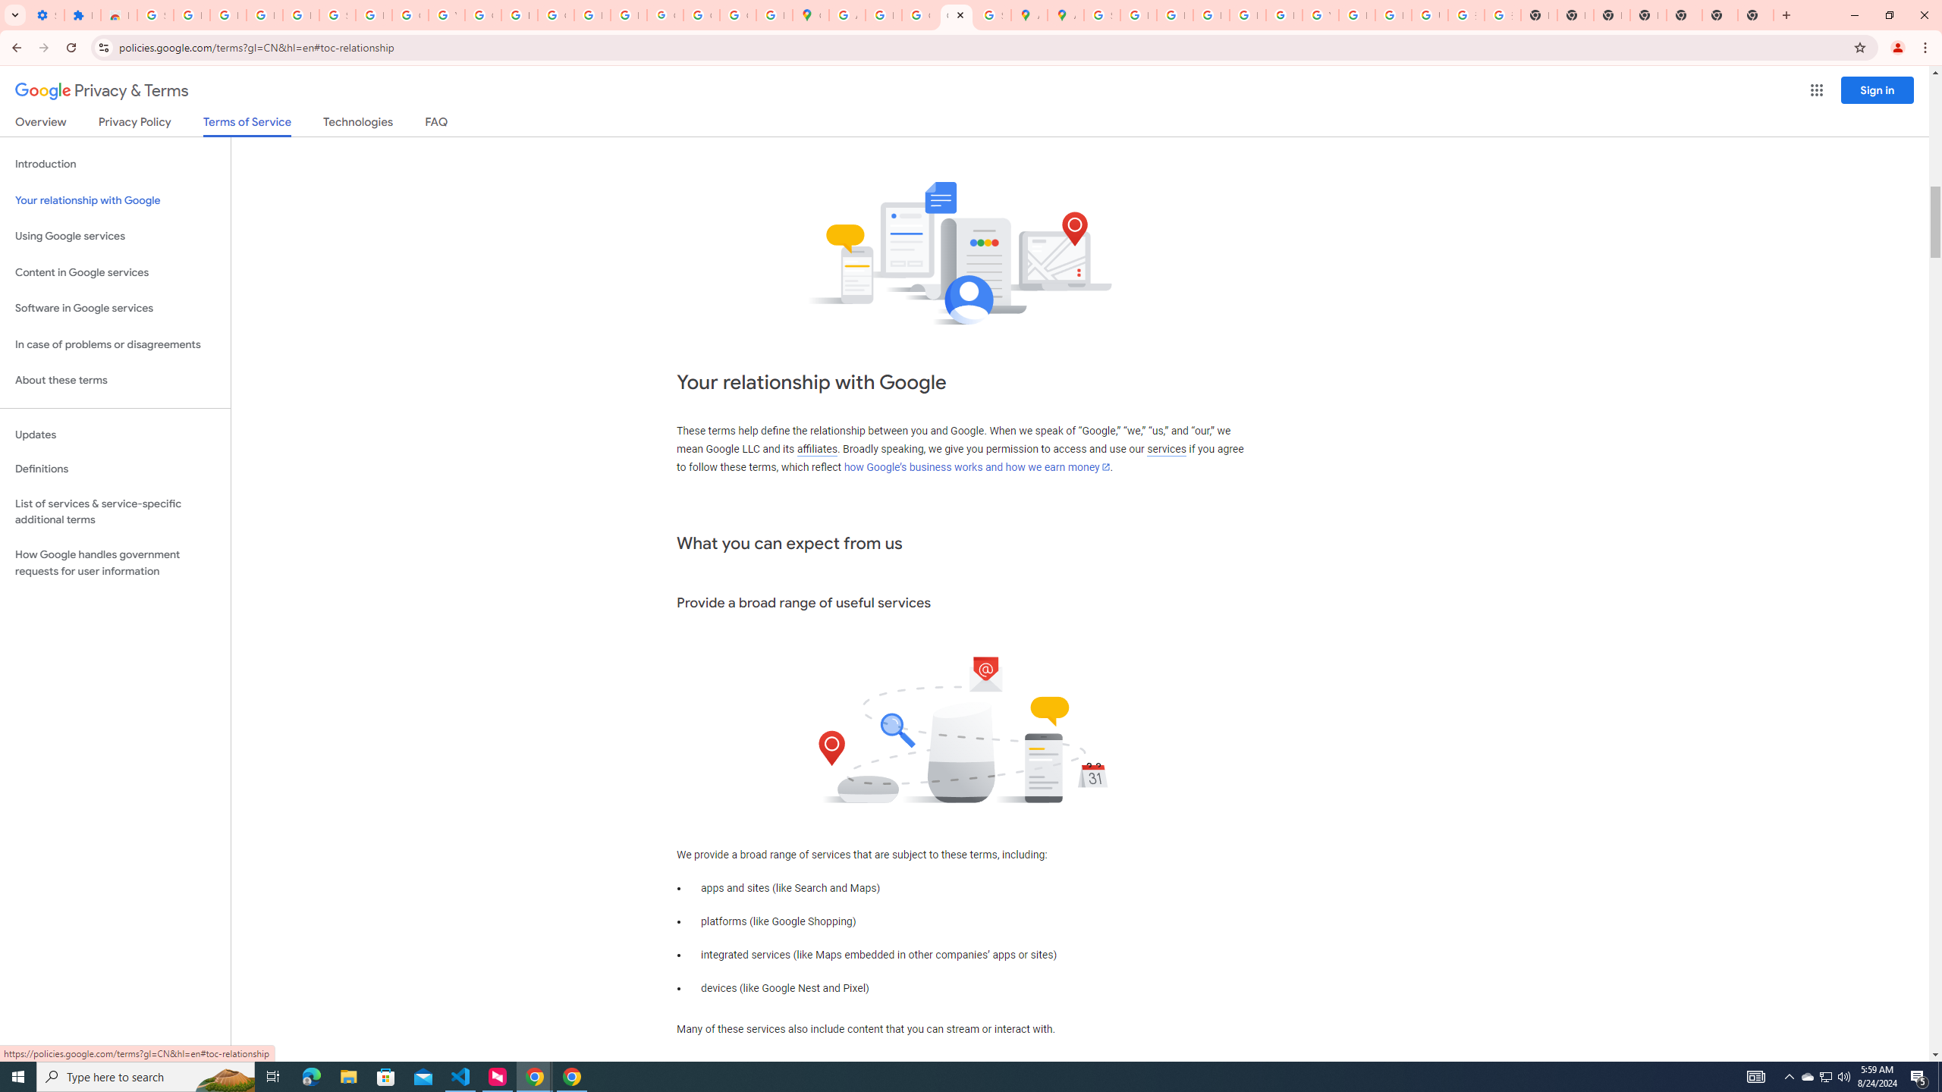 The height and width of the screenshot is (1092, 1942). What do you see at coordinates (46, 14) in the screenshot?
I see `'Settings - On startup'` at bounding box center [46, 14].